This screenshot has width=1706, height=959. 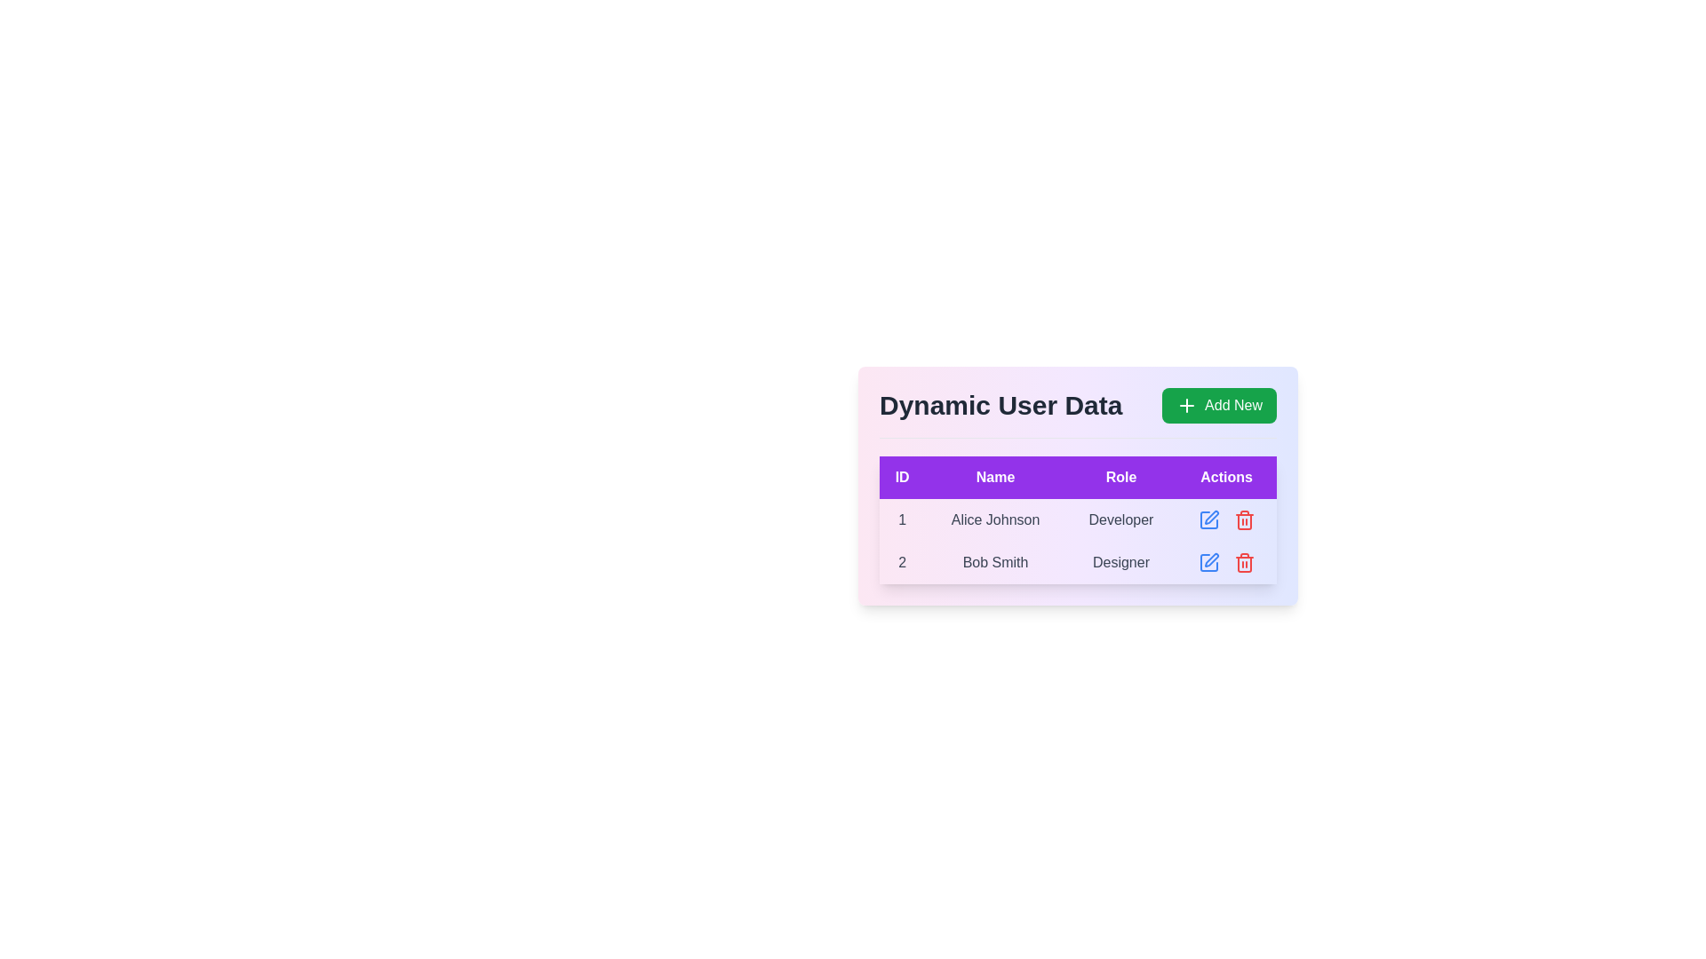 What do you see at coordinates (1208, 519) in the screenshot?
I see `the blue edit button icon located in the 'Actions' column under the 'Dynamic User Data' section` at bounding box center [1208, 519].